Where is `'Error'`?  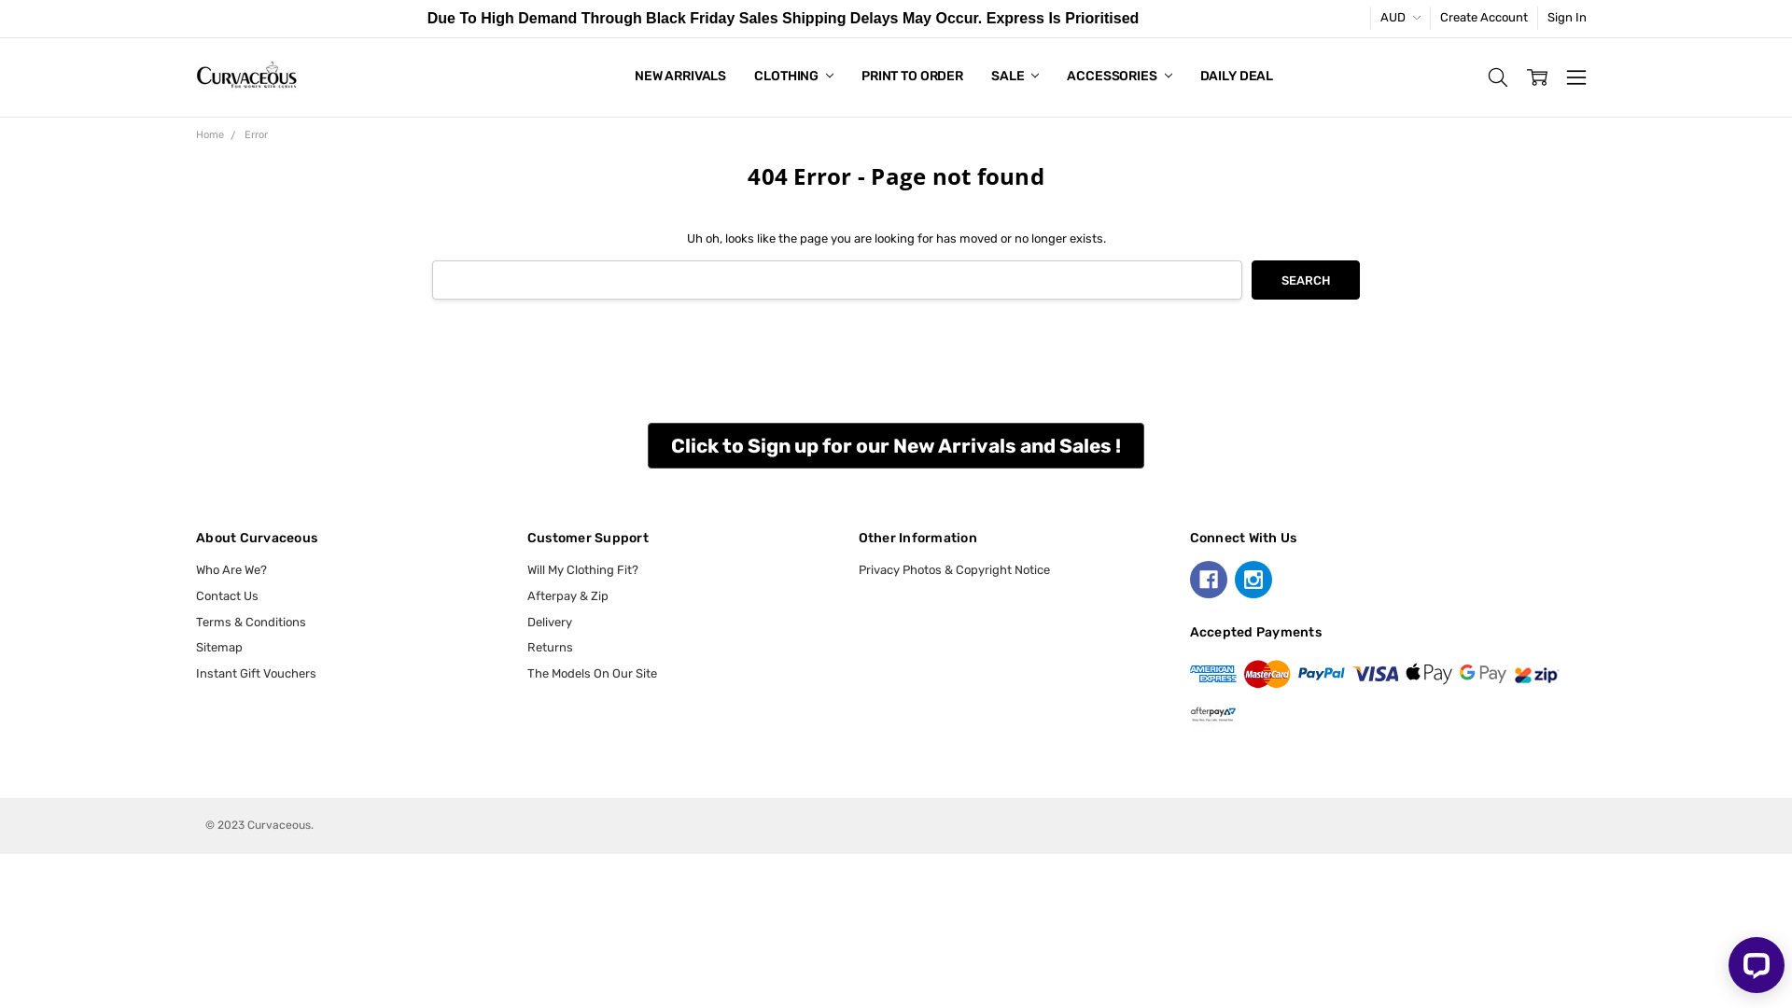 'Error' is located at coordinates (255, 133).